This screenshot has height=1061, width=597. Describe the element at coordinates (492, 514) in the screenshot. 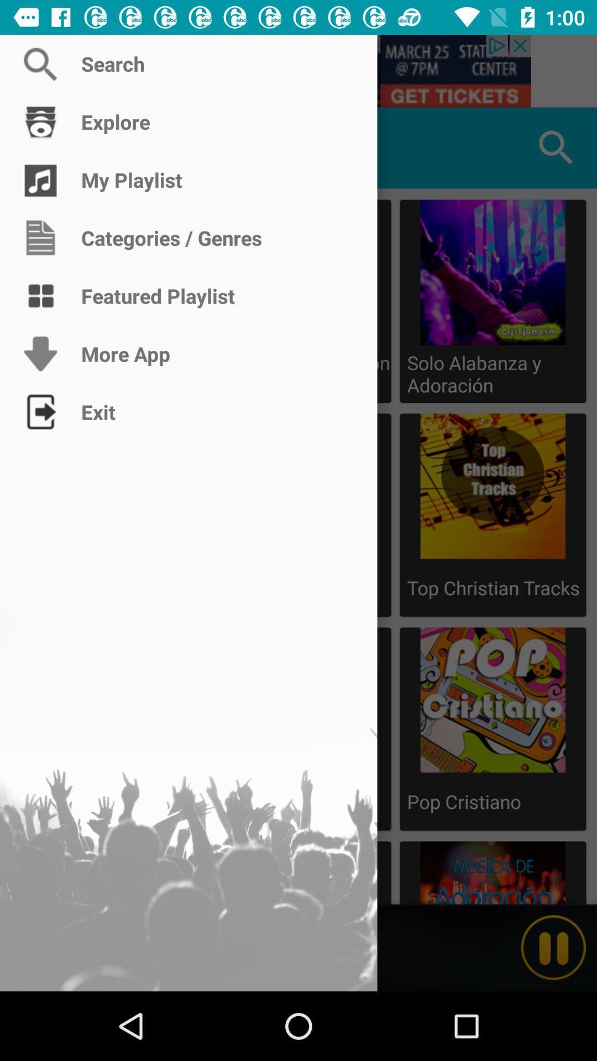

I see `second image from search buttontop` at that location.